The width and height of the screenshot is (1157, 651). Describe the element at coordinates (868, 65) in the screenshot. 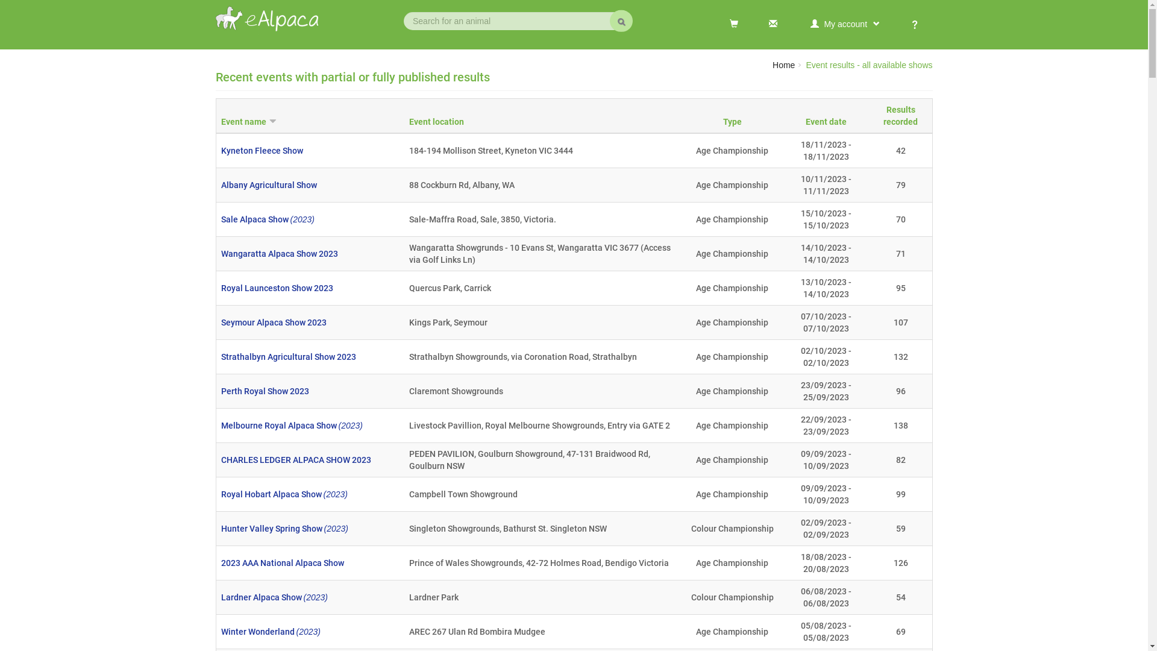

I see `'Event results - all available shows'` at that location.